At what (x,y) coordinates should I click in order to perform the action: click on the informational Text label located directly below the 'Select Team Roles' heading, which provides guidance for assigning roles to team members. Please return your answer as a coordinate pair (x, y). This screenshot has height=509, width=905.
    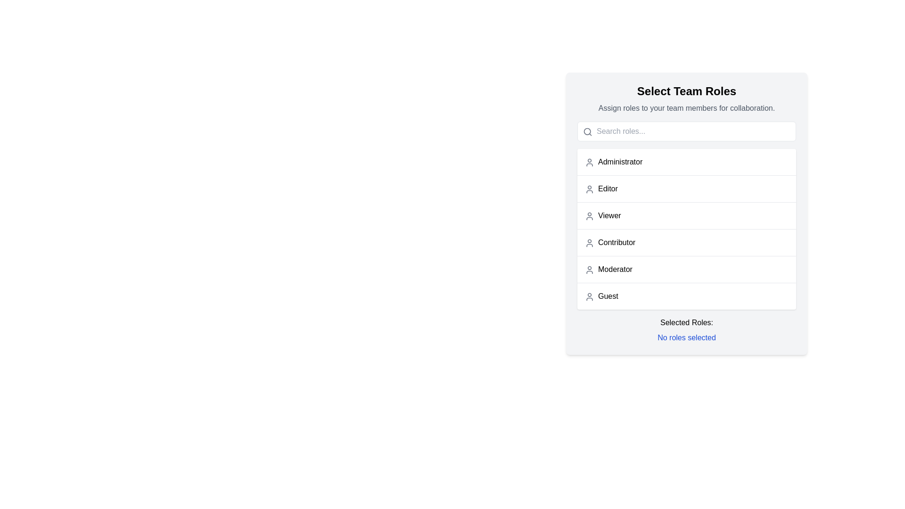
    Looking at the image, I should click on (687, 108).